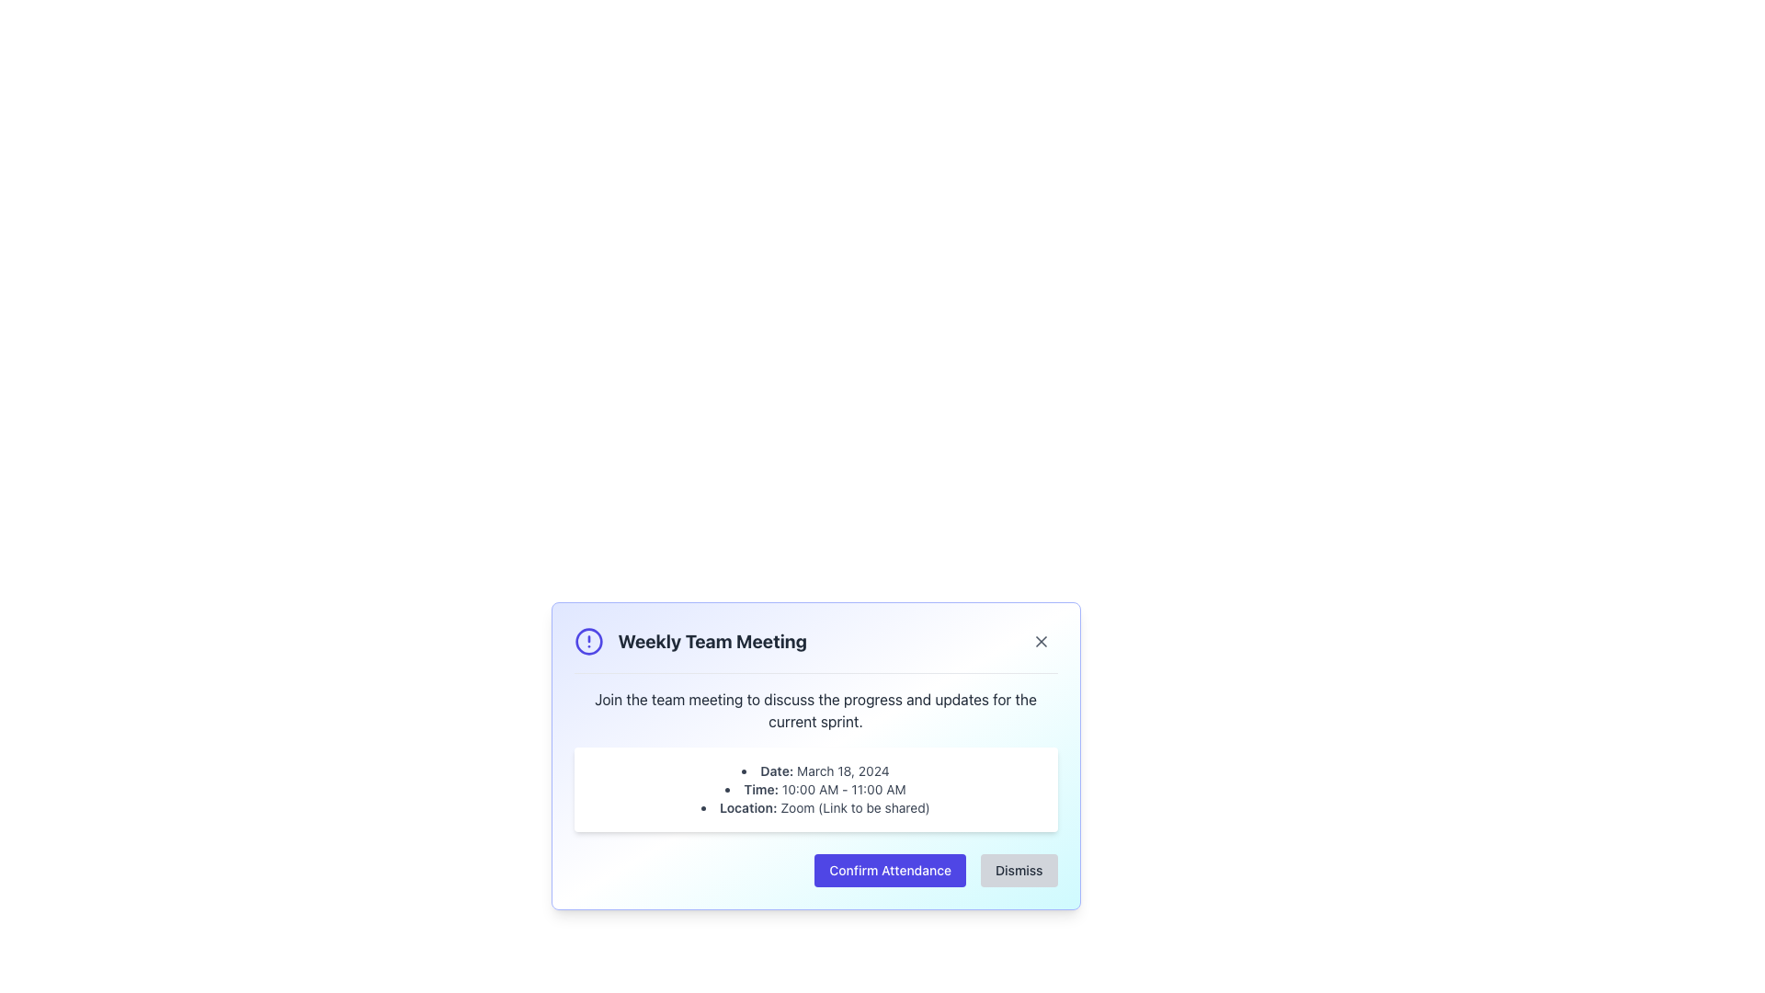  Describe the element at coordinates (814, 789) in the screenshot. I see `the text block that provides details of the event, including date, time, and location, located in the modal dialog box below the heading 'Weekly Team Meeting'` at that location.